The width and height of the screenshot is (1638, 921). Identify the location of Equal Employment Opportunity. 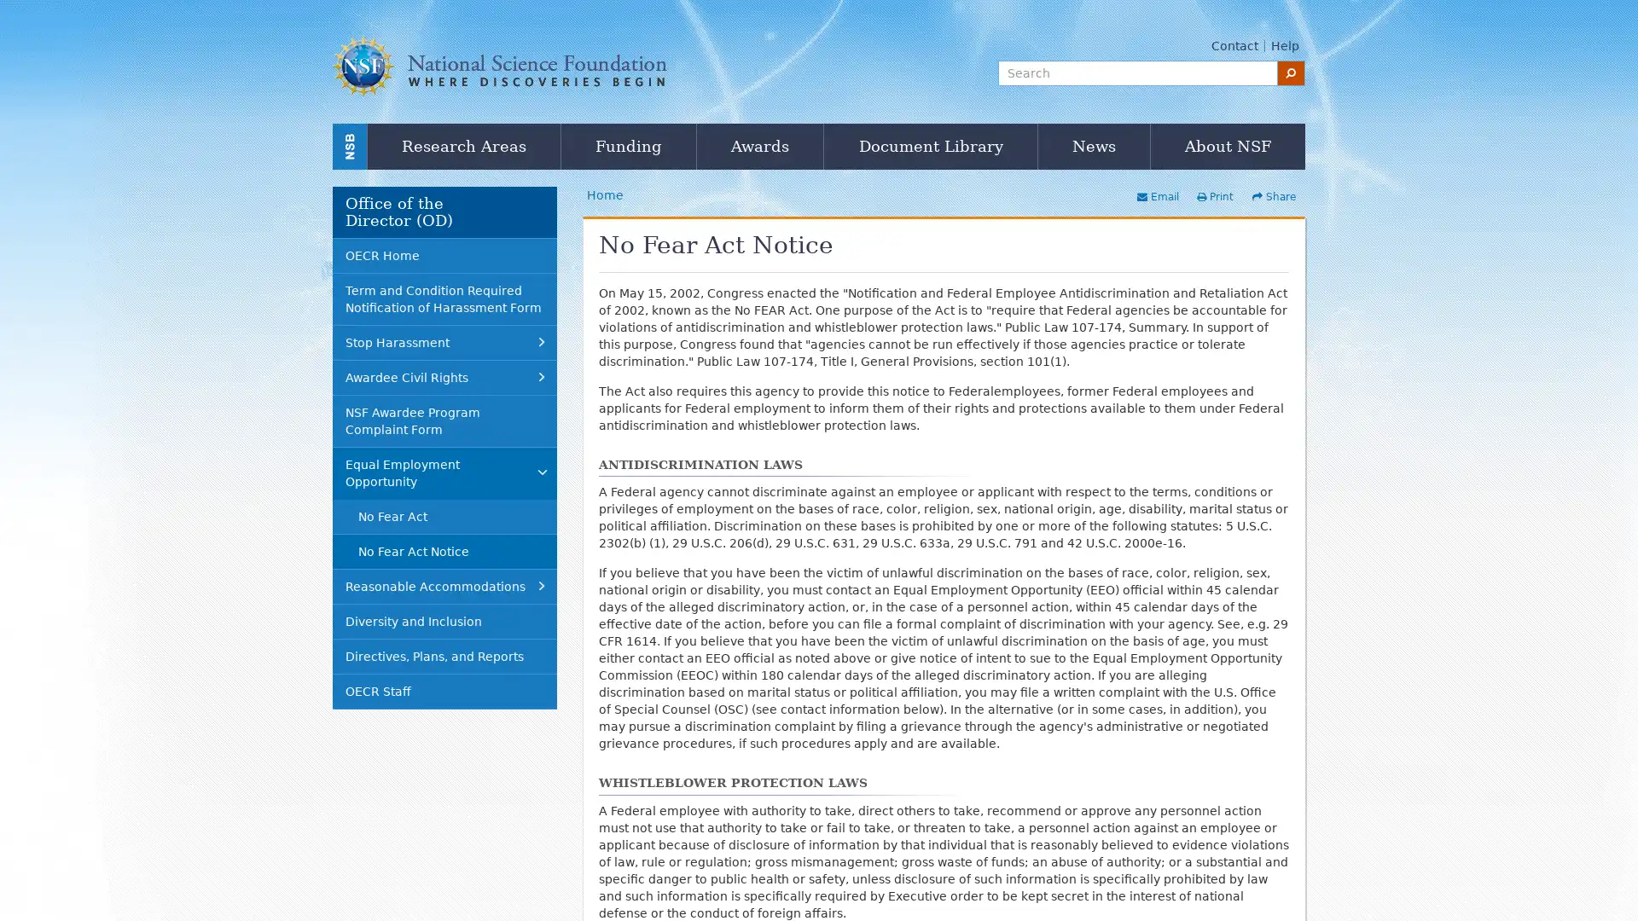
(444, 472).